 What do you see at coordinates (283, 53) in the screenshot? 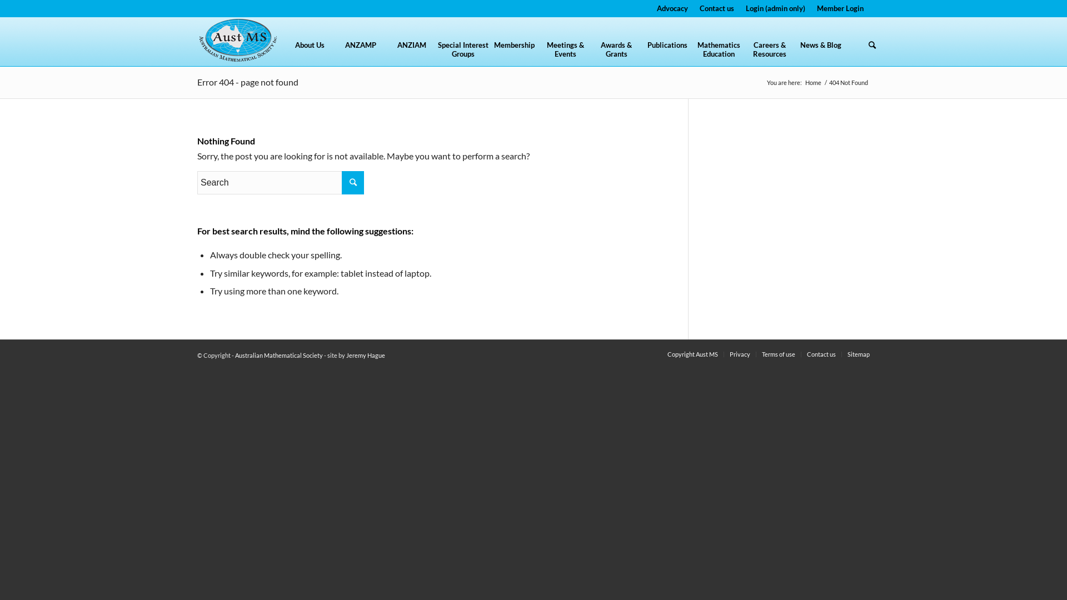
I see `'About Us'` at bounding box center [283, 53].